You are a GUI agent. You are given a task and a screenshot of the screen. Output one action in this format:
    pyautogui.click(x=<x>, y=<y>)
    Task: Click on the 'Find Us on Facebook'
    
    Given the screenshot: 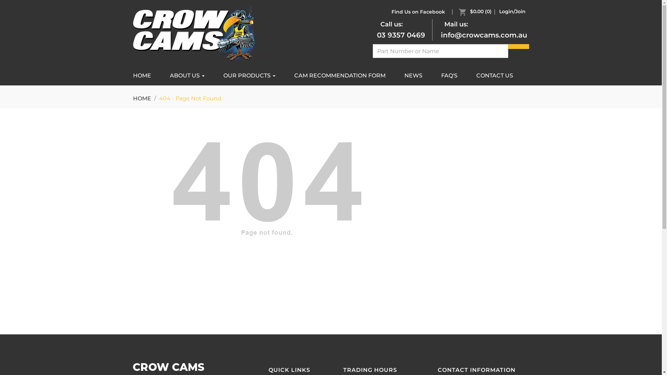 What is the action you would take?
    pyautogui.click(x=417, y=11)
    